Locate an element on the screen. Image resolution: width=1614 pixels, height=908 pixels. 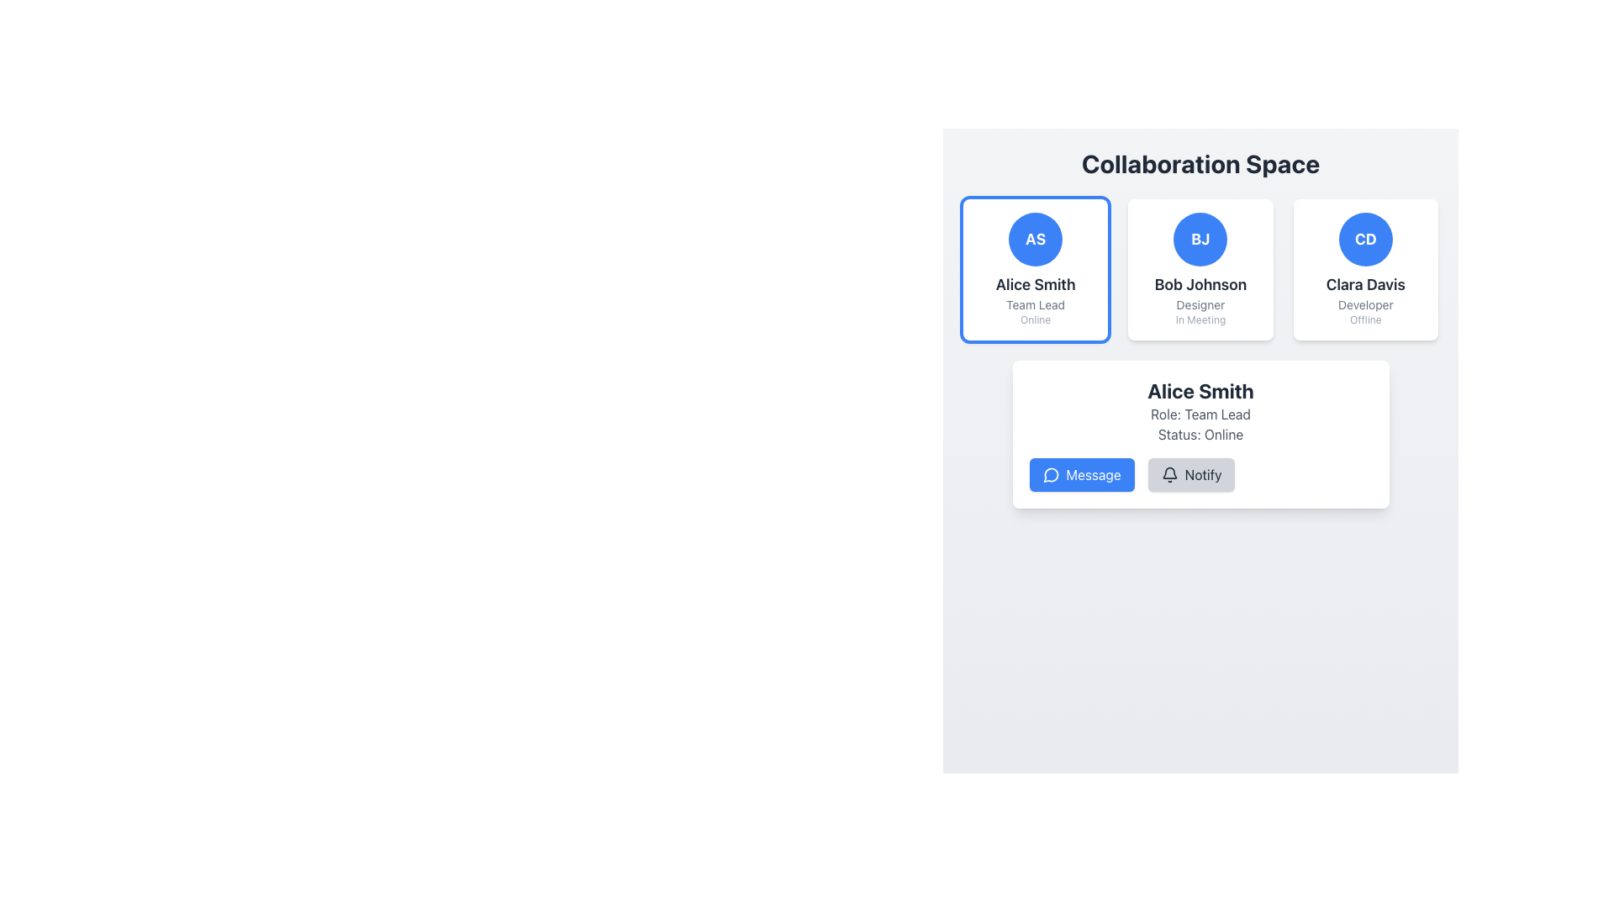
the 'In Meeting' text label located beneath the 'Designer' designation in Bob Johnson's profile card is located at coordinates (1200, 320).